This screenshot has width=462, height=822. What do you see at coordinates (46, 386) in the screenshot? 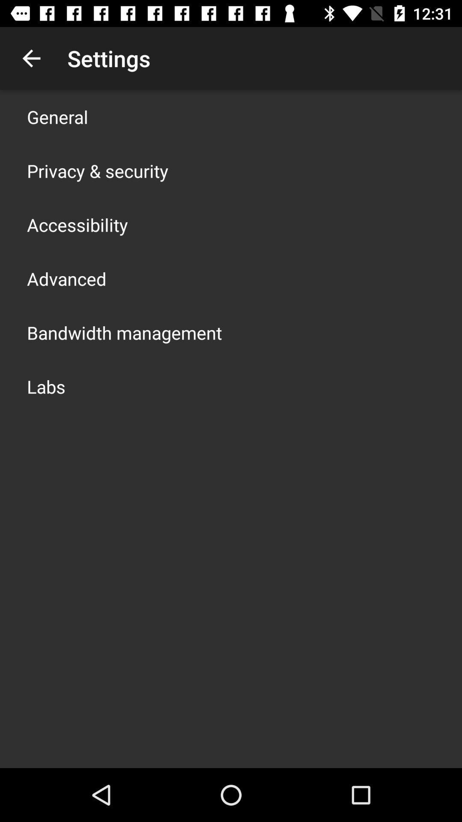
I see `labs icon` at bounding box center [46, 386].